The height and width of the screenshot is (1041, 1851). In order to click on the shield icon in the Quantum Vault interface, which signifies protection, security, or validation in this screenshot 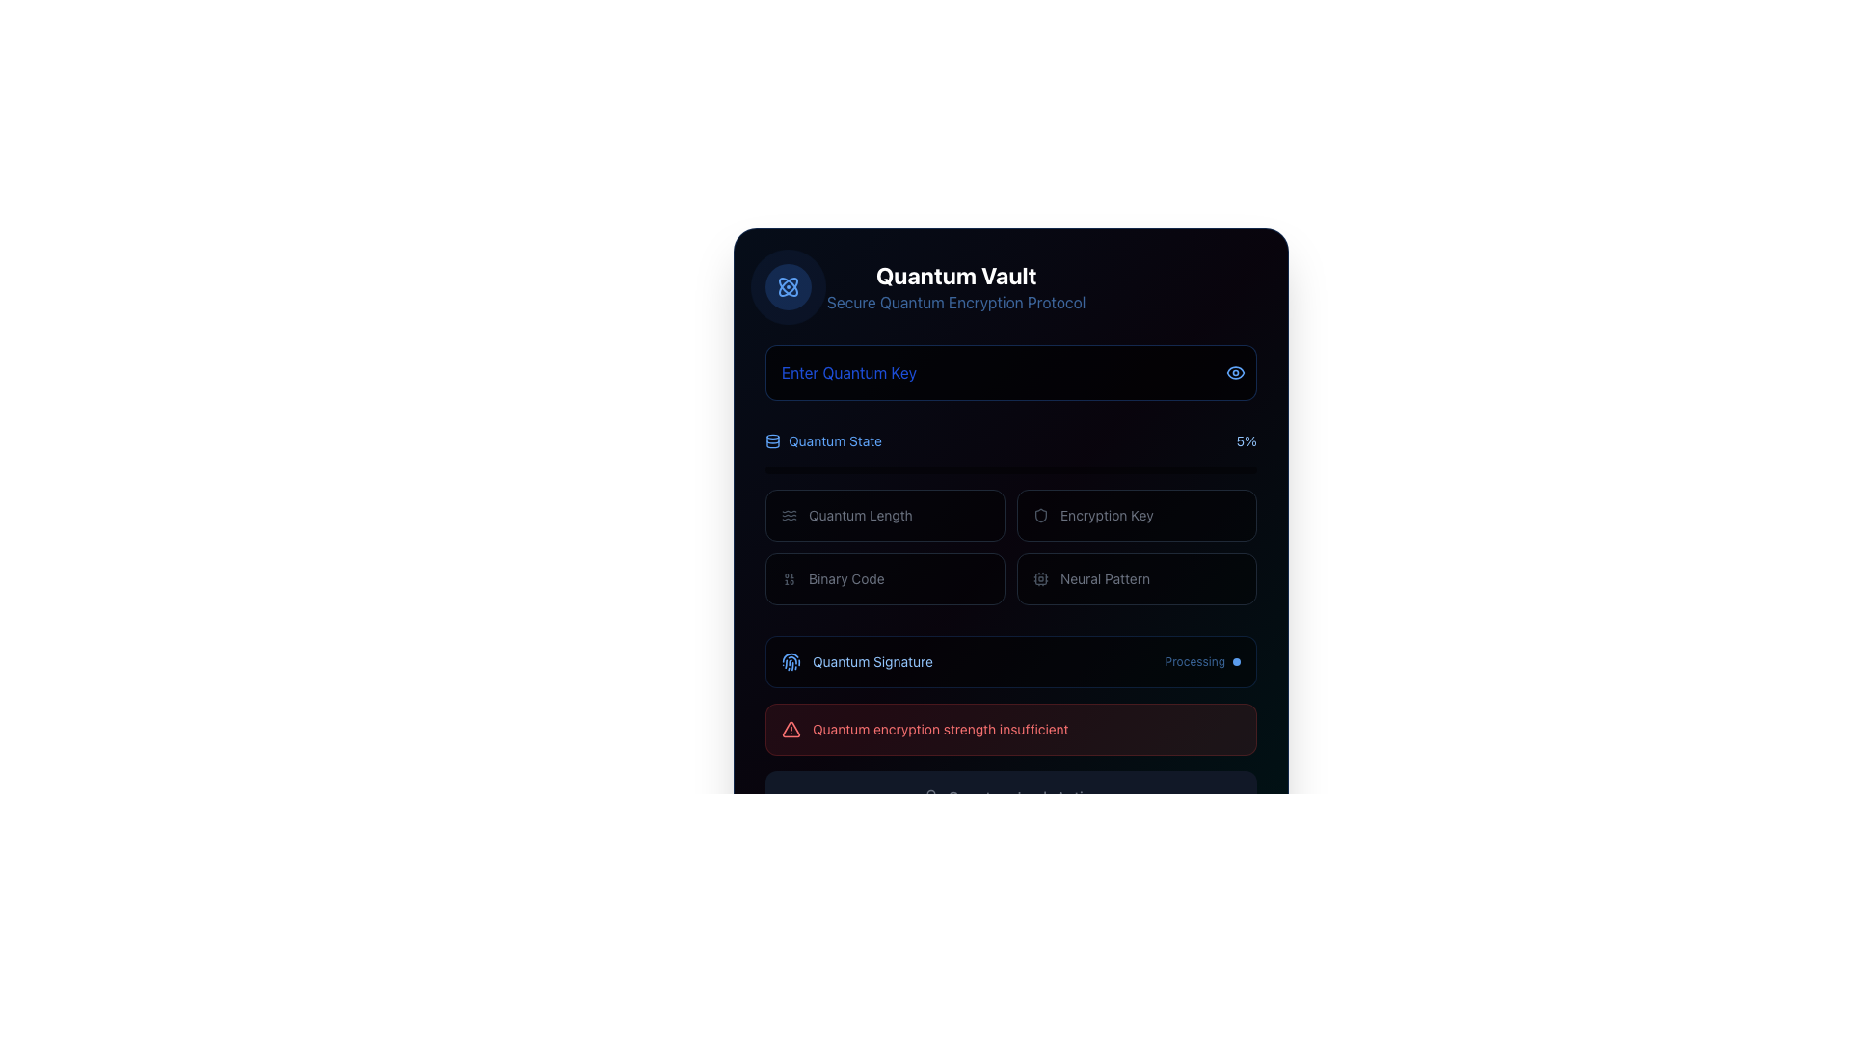, I will do `click(1040, 515)`.